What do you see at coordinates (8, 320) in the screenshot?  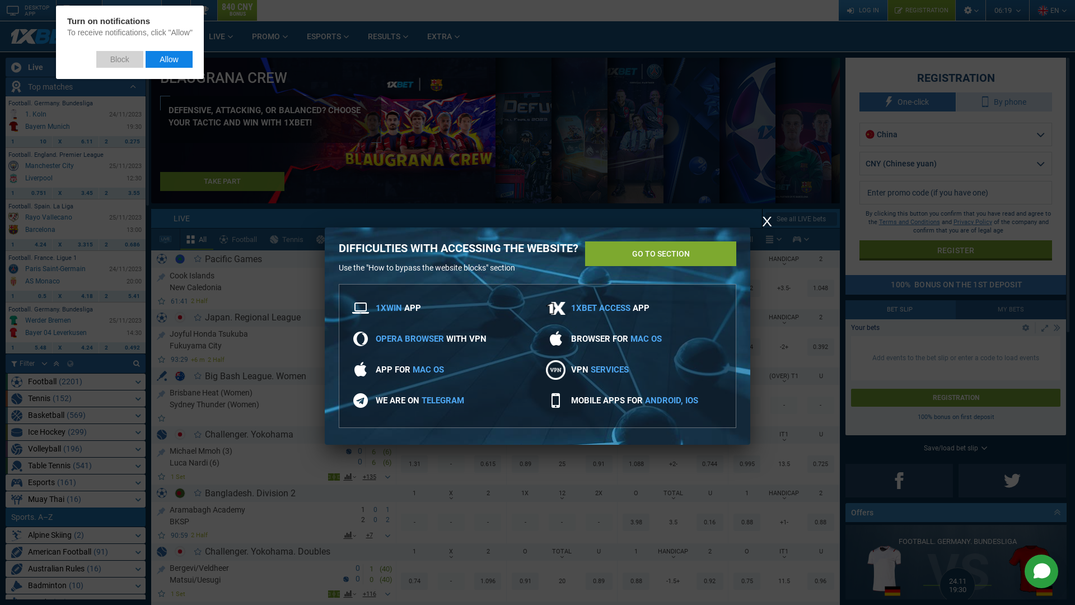 I see `'Werder Bremen. Bremen'` at bounding box center [8, 320].